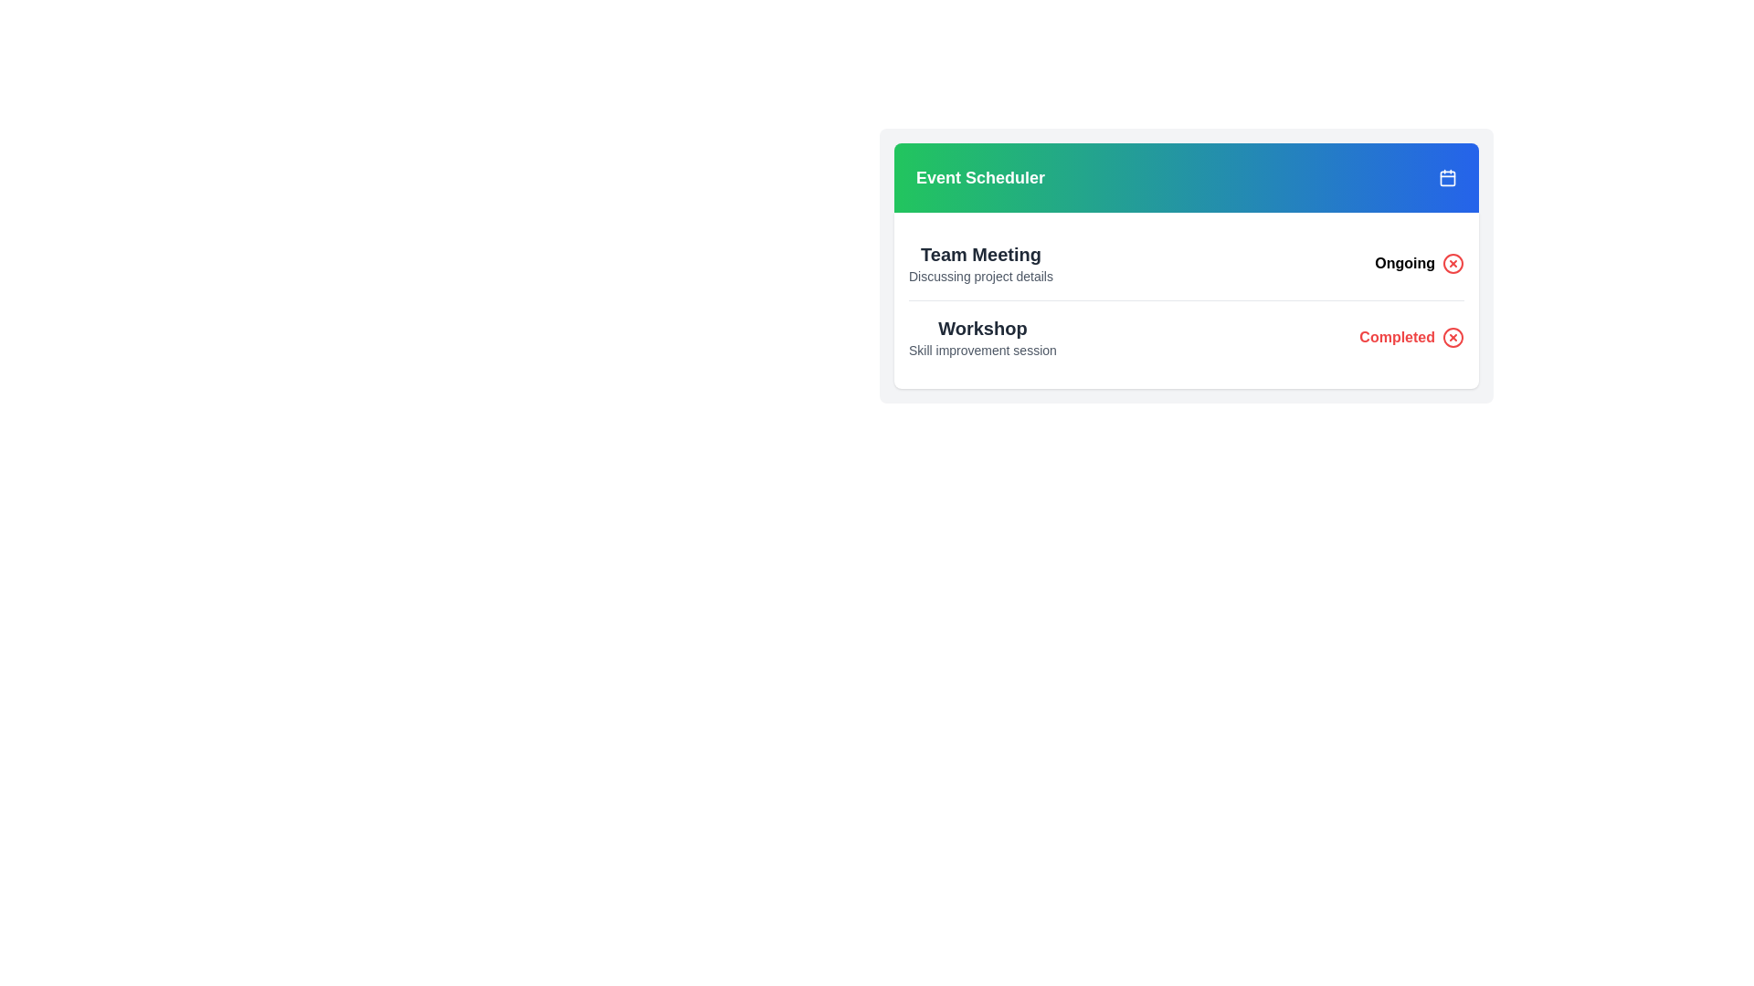 The image size is (1754, 986). I want to click on the SVG Circle element, which is a circular outline with medium thickness, positioned at the top layer of an SVG graphic and framing a graphical icon, so click(1452, 338).